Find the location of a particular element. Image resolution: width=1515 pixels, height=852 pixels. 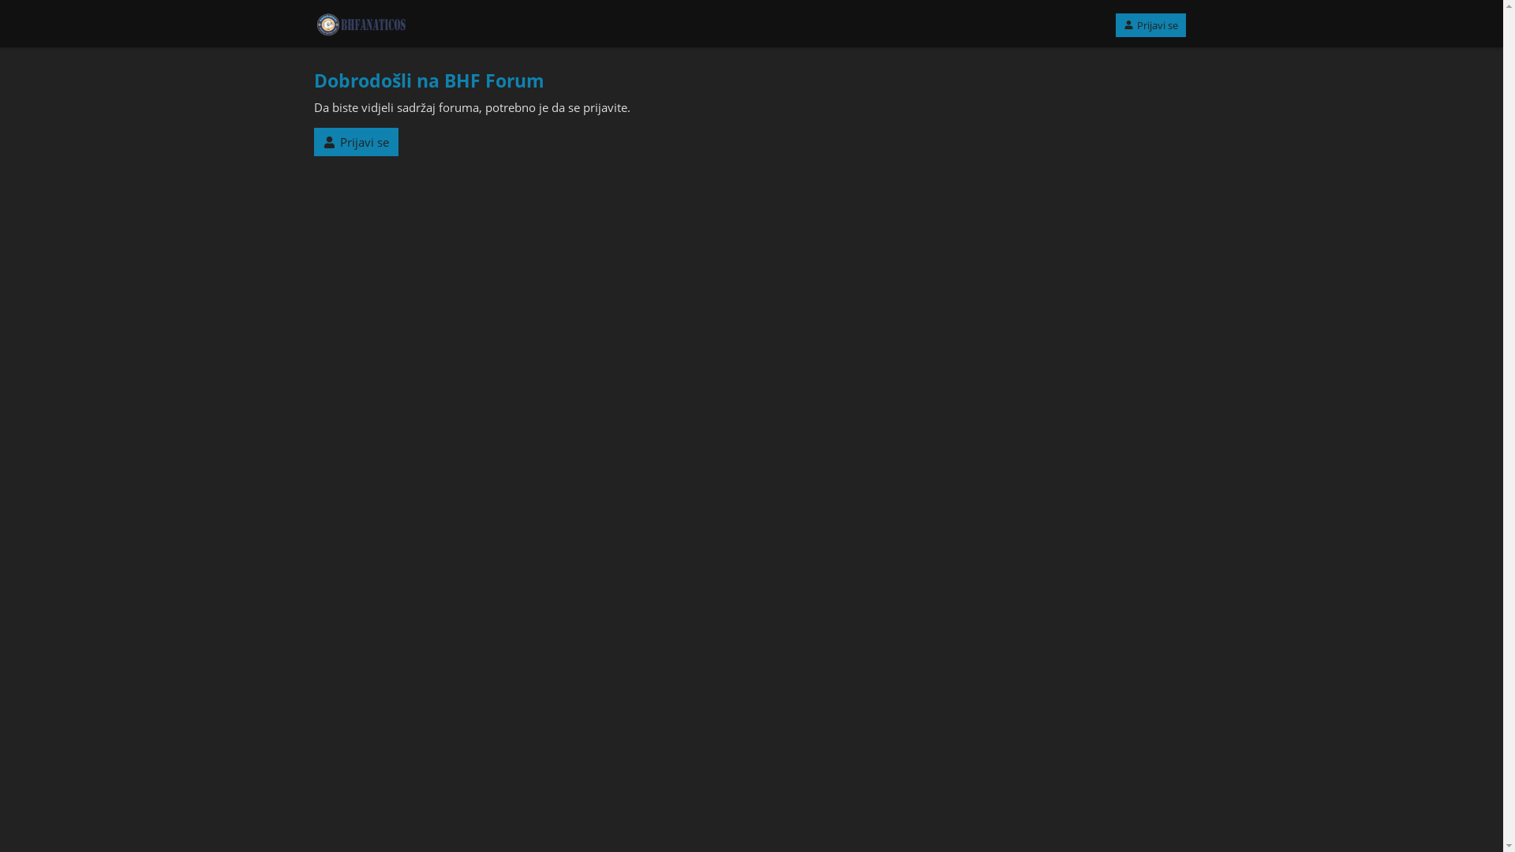

'Prijavi se' is located at coordinates (1150, 24).